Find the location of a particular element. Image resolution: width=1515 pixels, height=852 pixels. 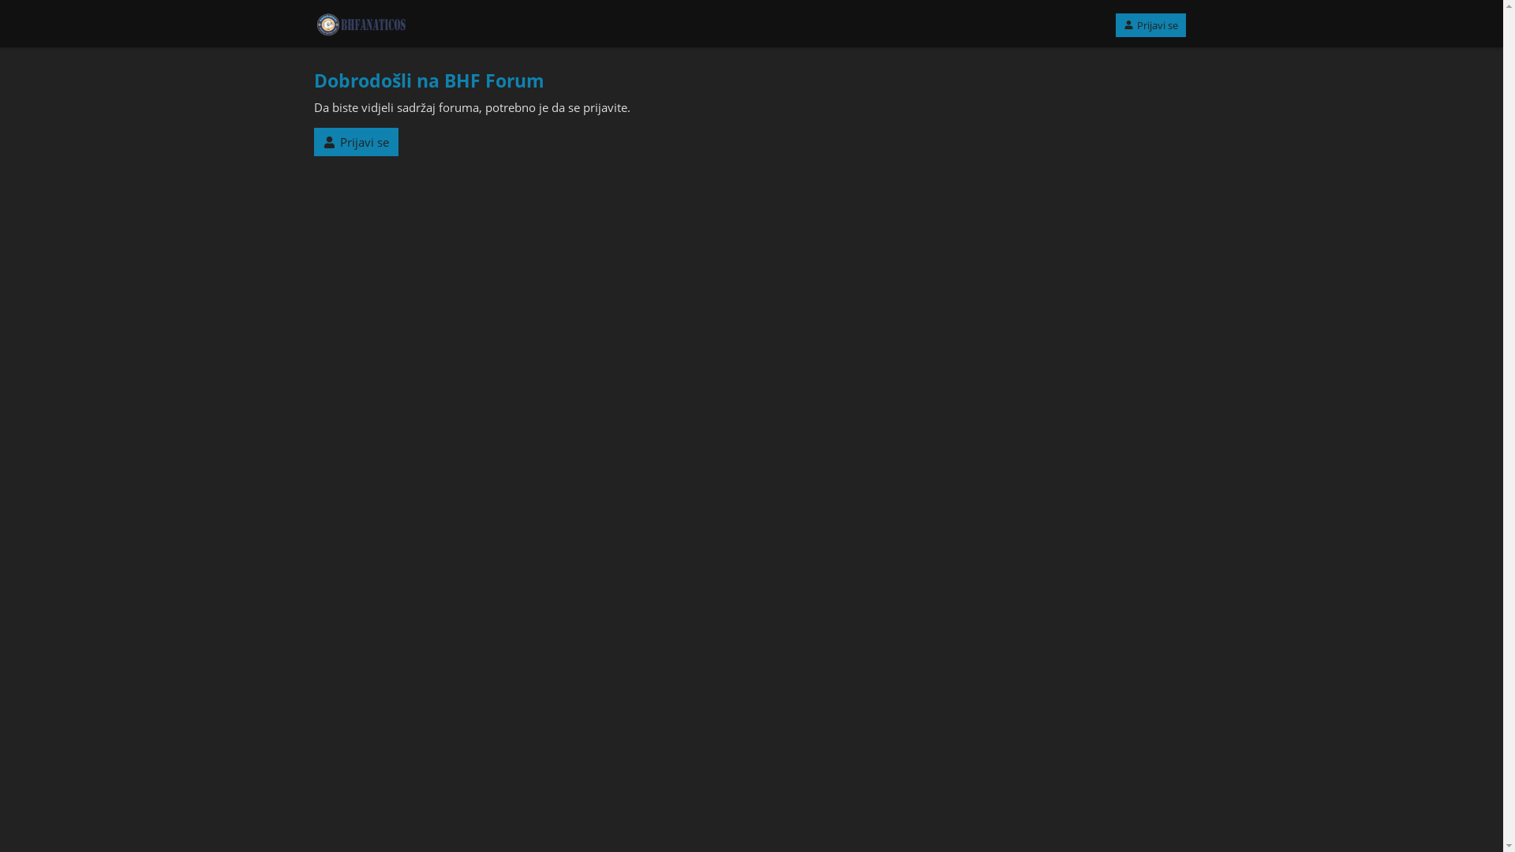

'Prijavi se' is located at coordinates (1150, 24).